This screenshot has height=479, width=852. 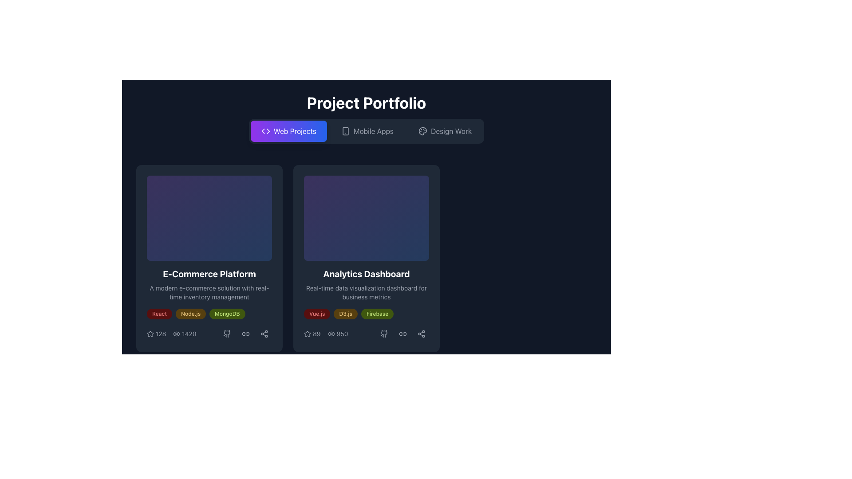 I want to click on the circular button featuring a GitHub logo, located at the bottom of the 'E-Commerce Platform' project card, to trigger the hover effect that changes its background color to gray, so click(x=227, y=334).